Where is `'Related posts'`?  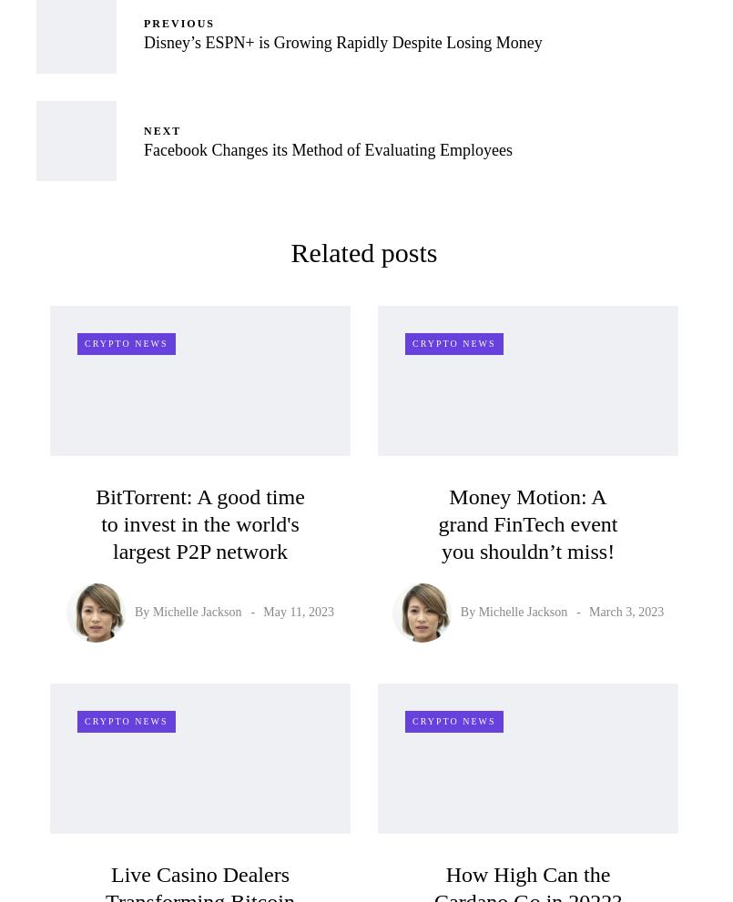 'Related posts' is located at coordinates (363, 250).